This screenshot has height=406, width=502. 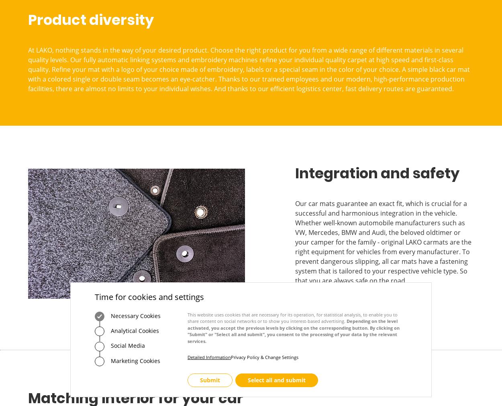 I want to click on 'Integration and safety', so click(x=377, y=172).